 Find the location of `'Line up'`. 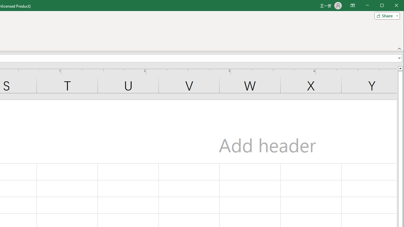

'Line up' is located at coordinates (400, 68).